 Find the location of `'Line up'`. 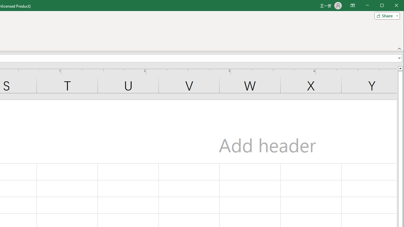

'Line up' is located at coordinates (400, 68).